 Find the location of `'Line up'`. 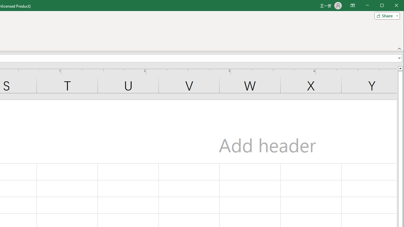

'Line up' is located at coordinates (400, 68).